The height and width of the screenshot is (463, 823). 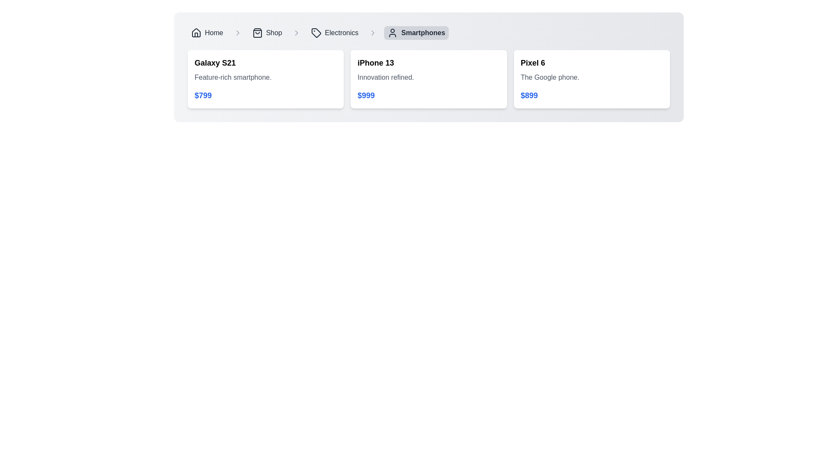 What do you see at coordinates (257, 33) in the screenshot?
I see `the shopping icon located centrally within the 'Shop' button in the navigation bar` at bounding box center [257, 33].